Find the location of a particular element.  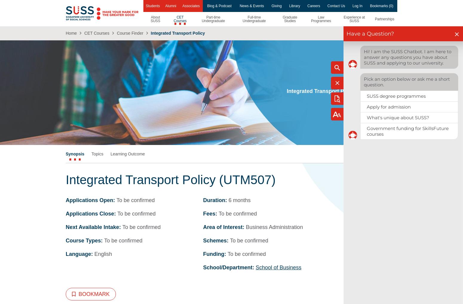

'Course Finder' is located at coordinates (130, 33).